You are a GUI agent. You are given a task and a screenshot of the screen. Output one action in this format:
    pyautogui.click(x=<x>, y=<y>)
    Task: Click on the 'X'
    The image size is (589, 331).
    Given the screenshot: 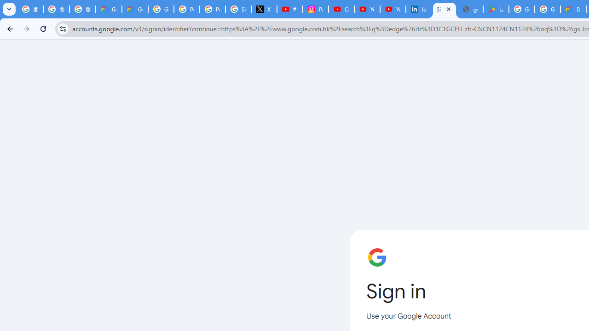 What is the action you would take?
    pyautogui.click(x=264, y=9)
    